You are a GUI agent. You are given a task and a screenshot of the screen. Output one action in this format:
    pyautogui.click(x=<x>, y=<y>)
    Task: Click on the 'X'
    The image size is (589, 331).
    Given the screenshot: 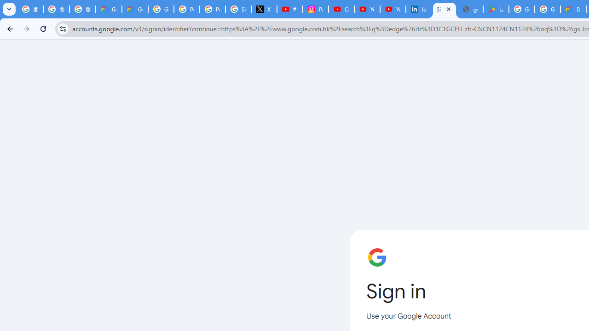 What is the action you would take?
    pyautogui.click(x=264, y=9)
    